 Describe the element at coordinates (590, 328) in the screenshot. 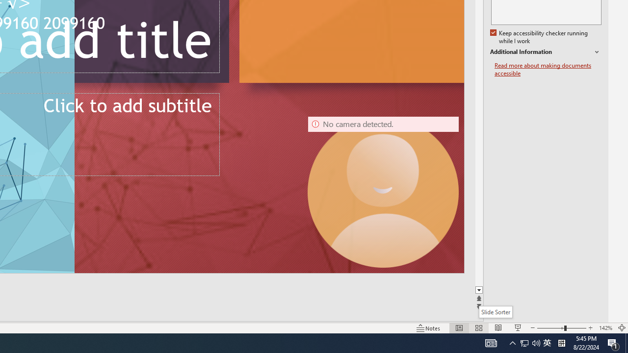

I see `'Zoom In'` at that location.